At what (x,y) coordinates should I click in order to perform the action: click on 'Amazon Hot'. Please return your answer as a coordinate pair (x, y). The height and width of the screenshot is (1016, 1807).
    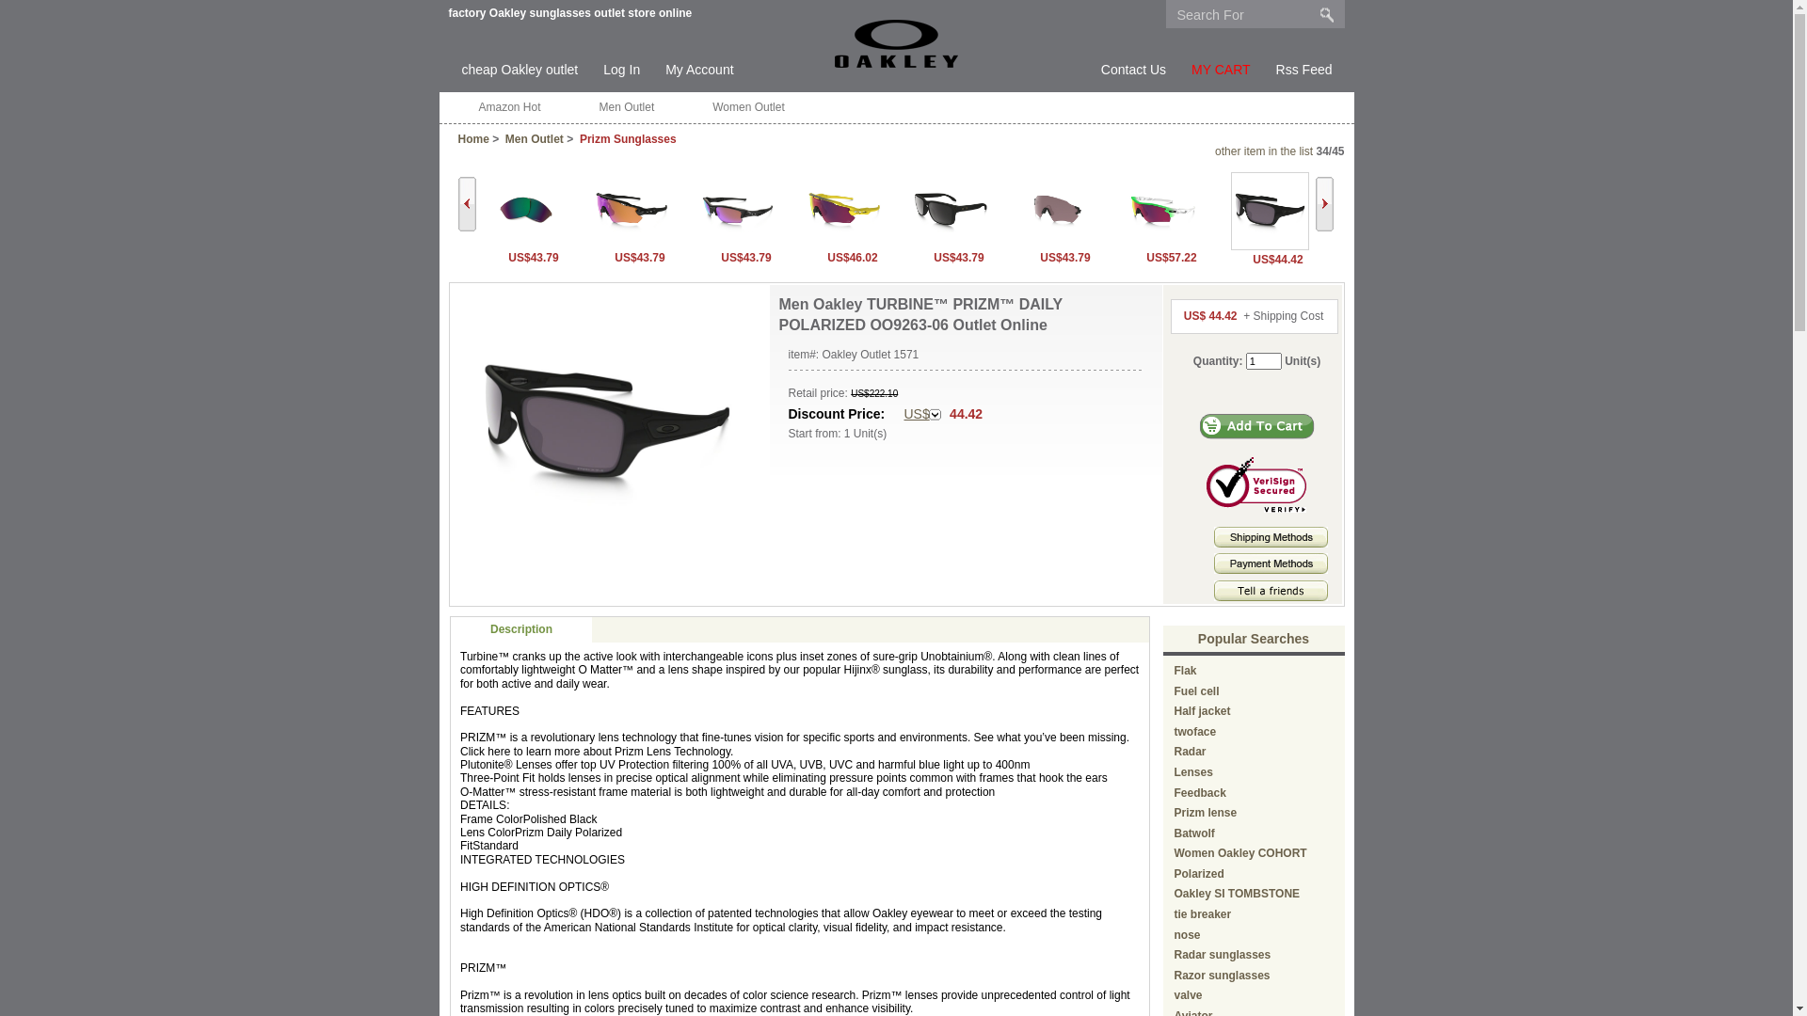
    Looking at the image, I should click on (509, 107).